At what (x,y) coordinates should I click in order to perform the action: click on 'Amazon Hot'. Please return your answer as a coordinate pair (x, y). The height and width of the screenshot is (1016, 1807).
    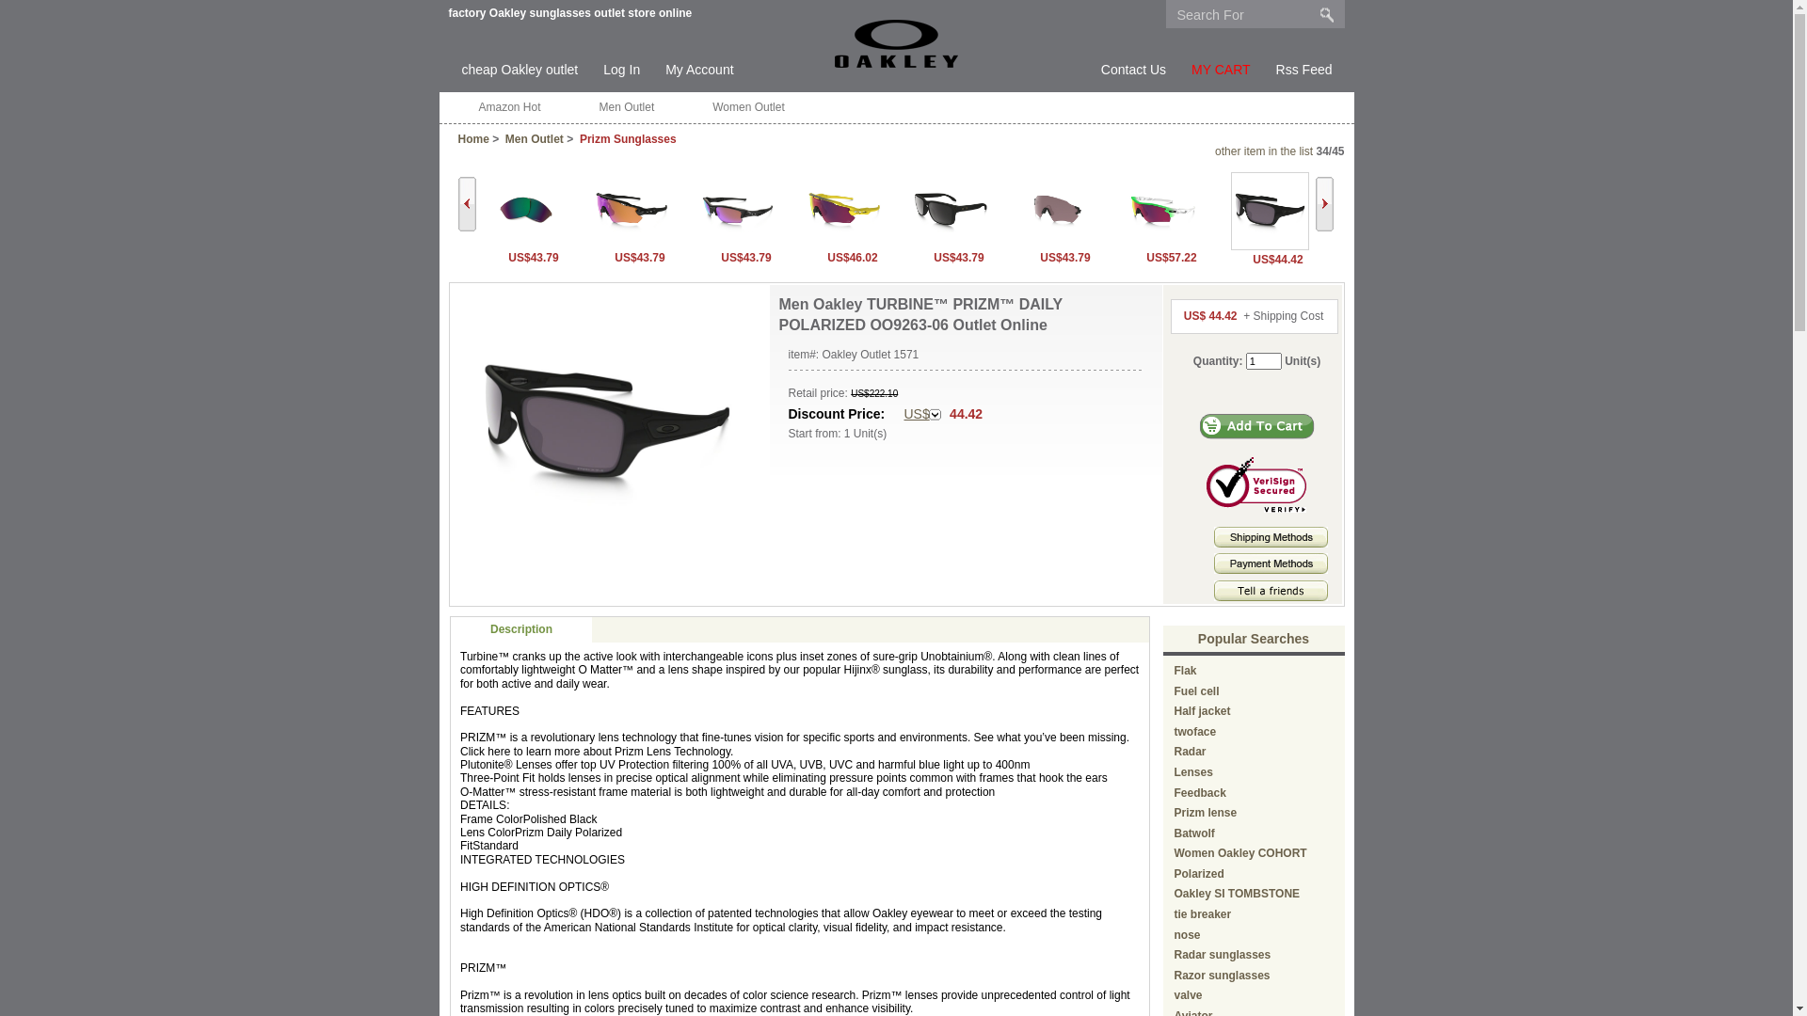
    Looking at the image, I should click on (509, 107).